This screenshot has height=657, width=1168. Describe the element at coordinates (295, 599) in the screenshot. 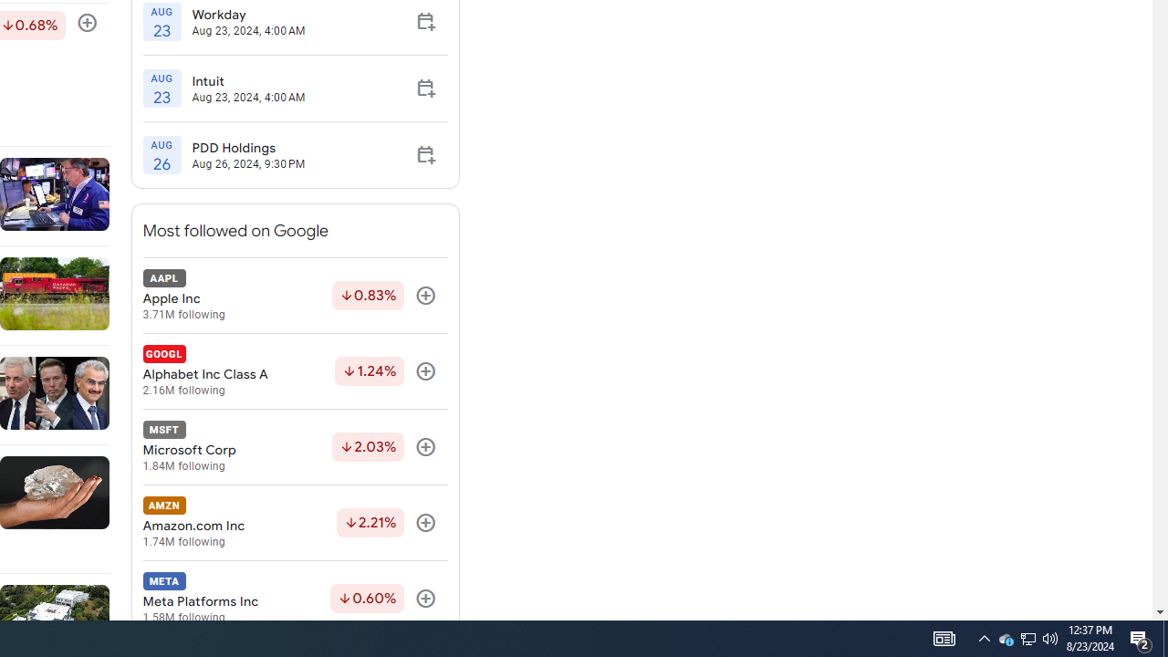

I see `'META Meta Platforms Inc 1.58M following Down by 0.60% Follow'` at that location.